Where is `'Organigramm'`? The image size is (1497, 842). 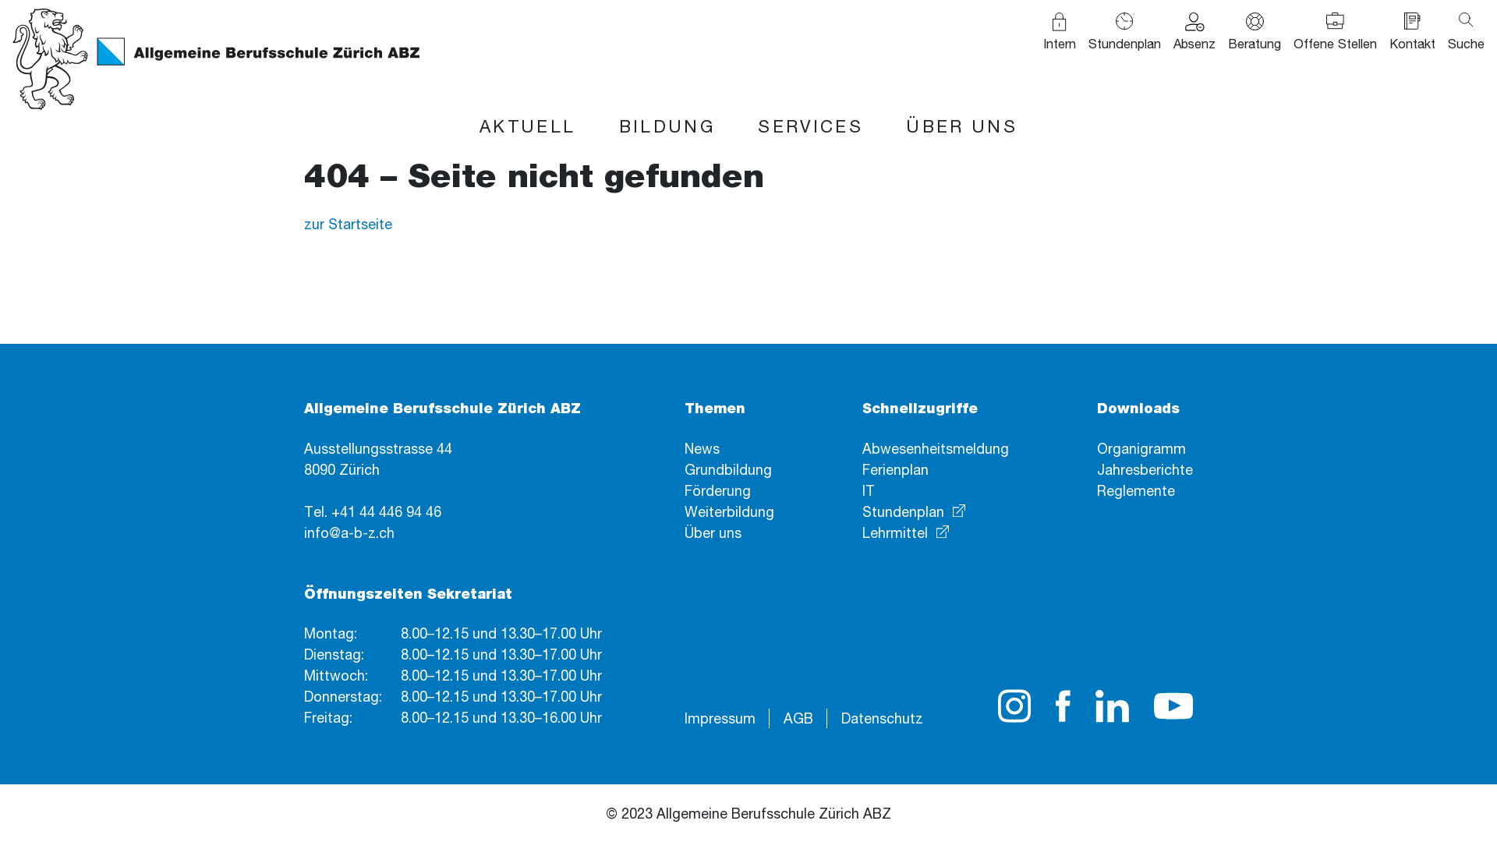 'Organigramm' is located at coordinates (1141, 448).